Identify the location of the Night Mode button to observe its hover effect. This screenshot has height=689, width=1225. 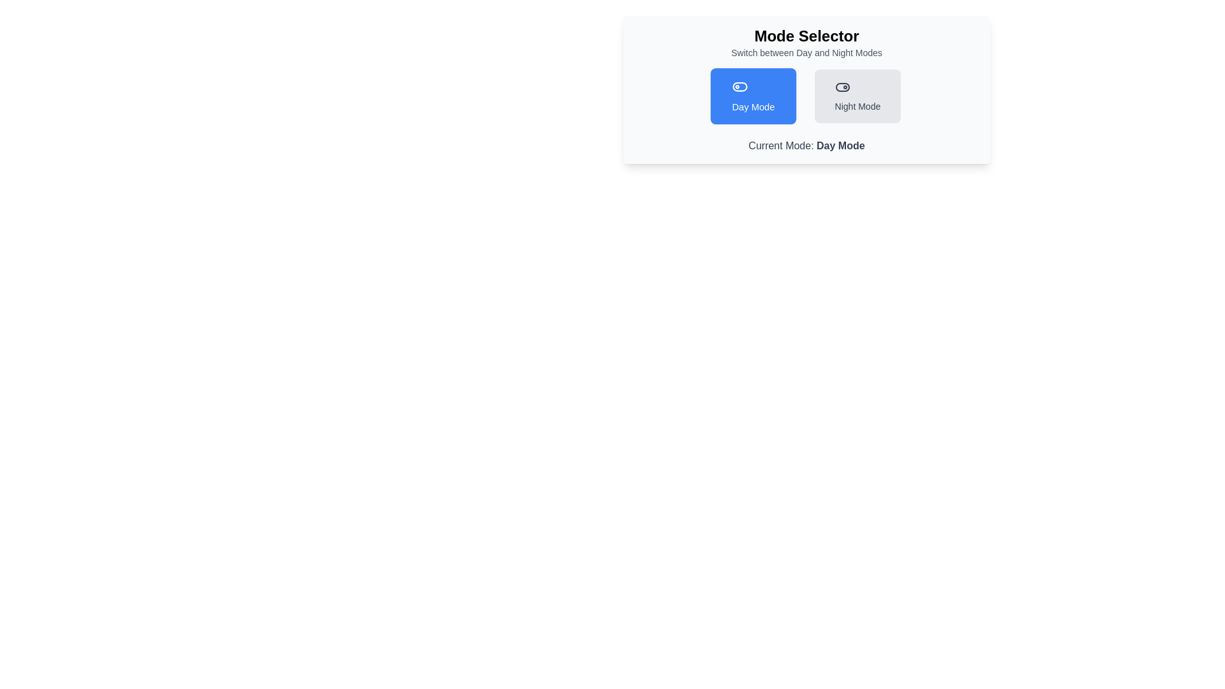
(857, 95).